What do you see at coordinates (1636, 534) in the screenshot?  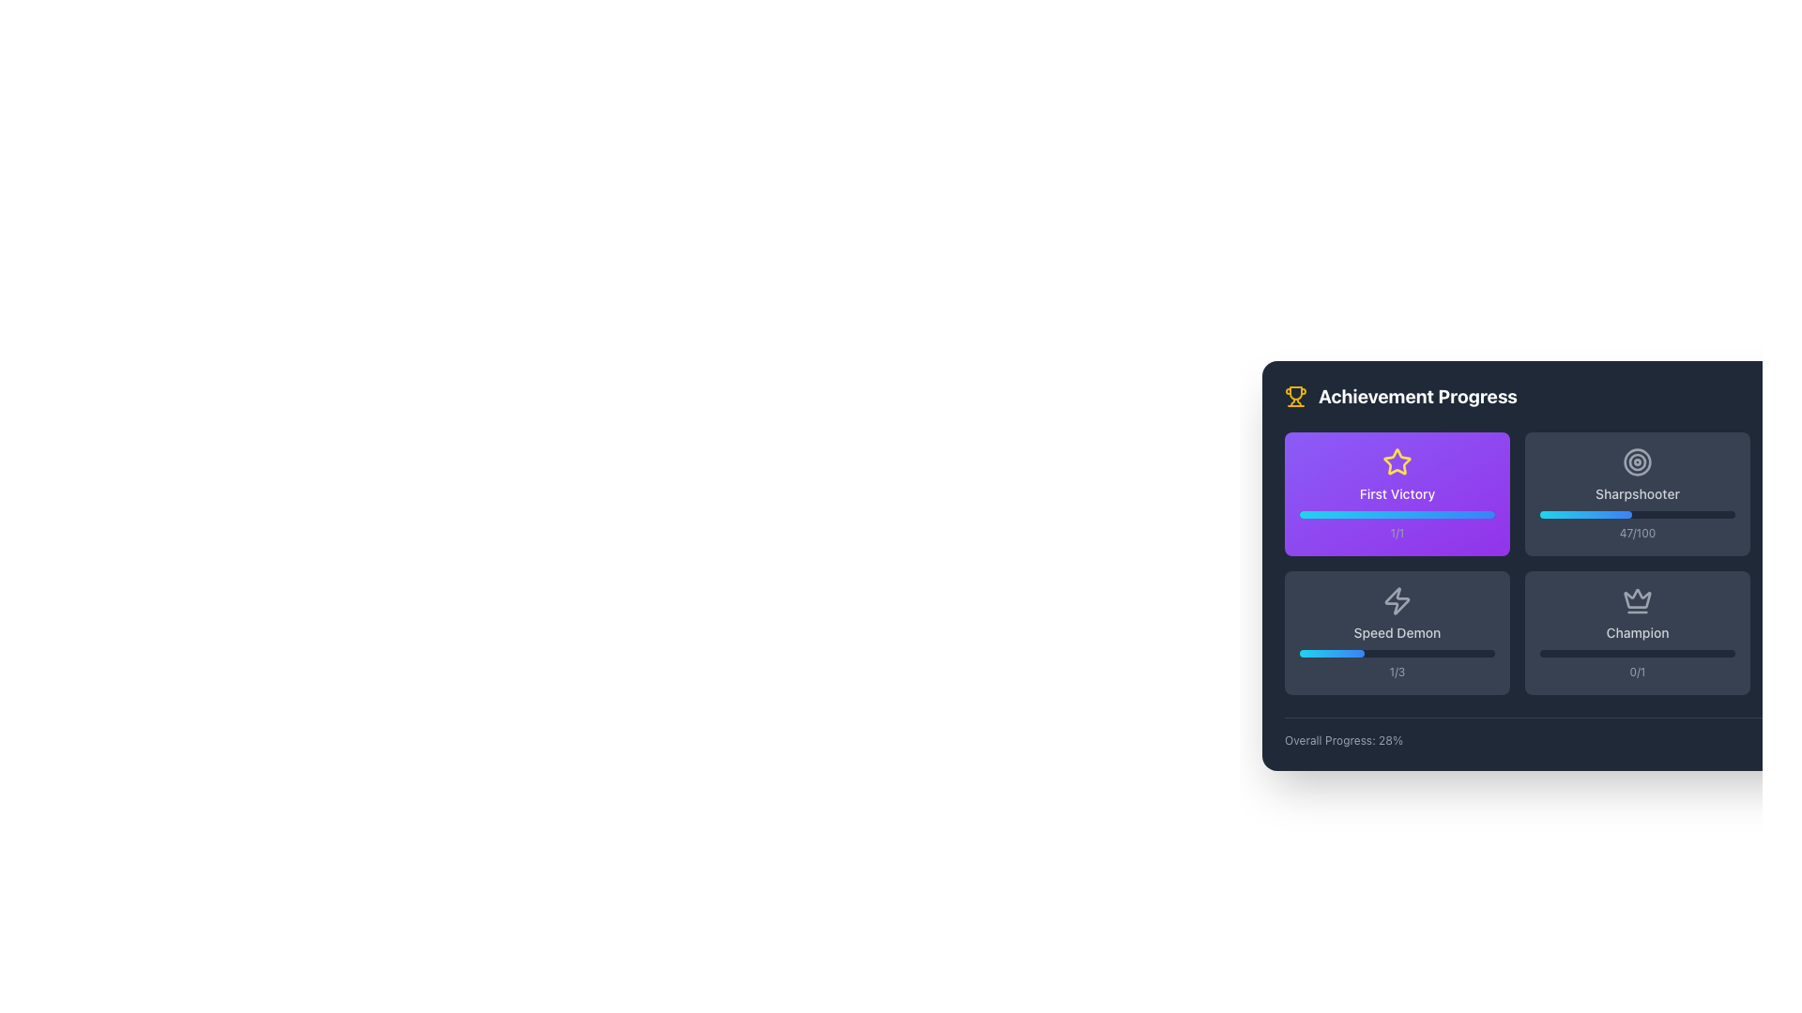 I see `the text label displaying '47/100' within the 'Sharpshooter' segment of the Achievement Progress interface, which is positioned slightly above the progress bar and has a light gray color on a dark gray background` at bounding box center [1636, 534].